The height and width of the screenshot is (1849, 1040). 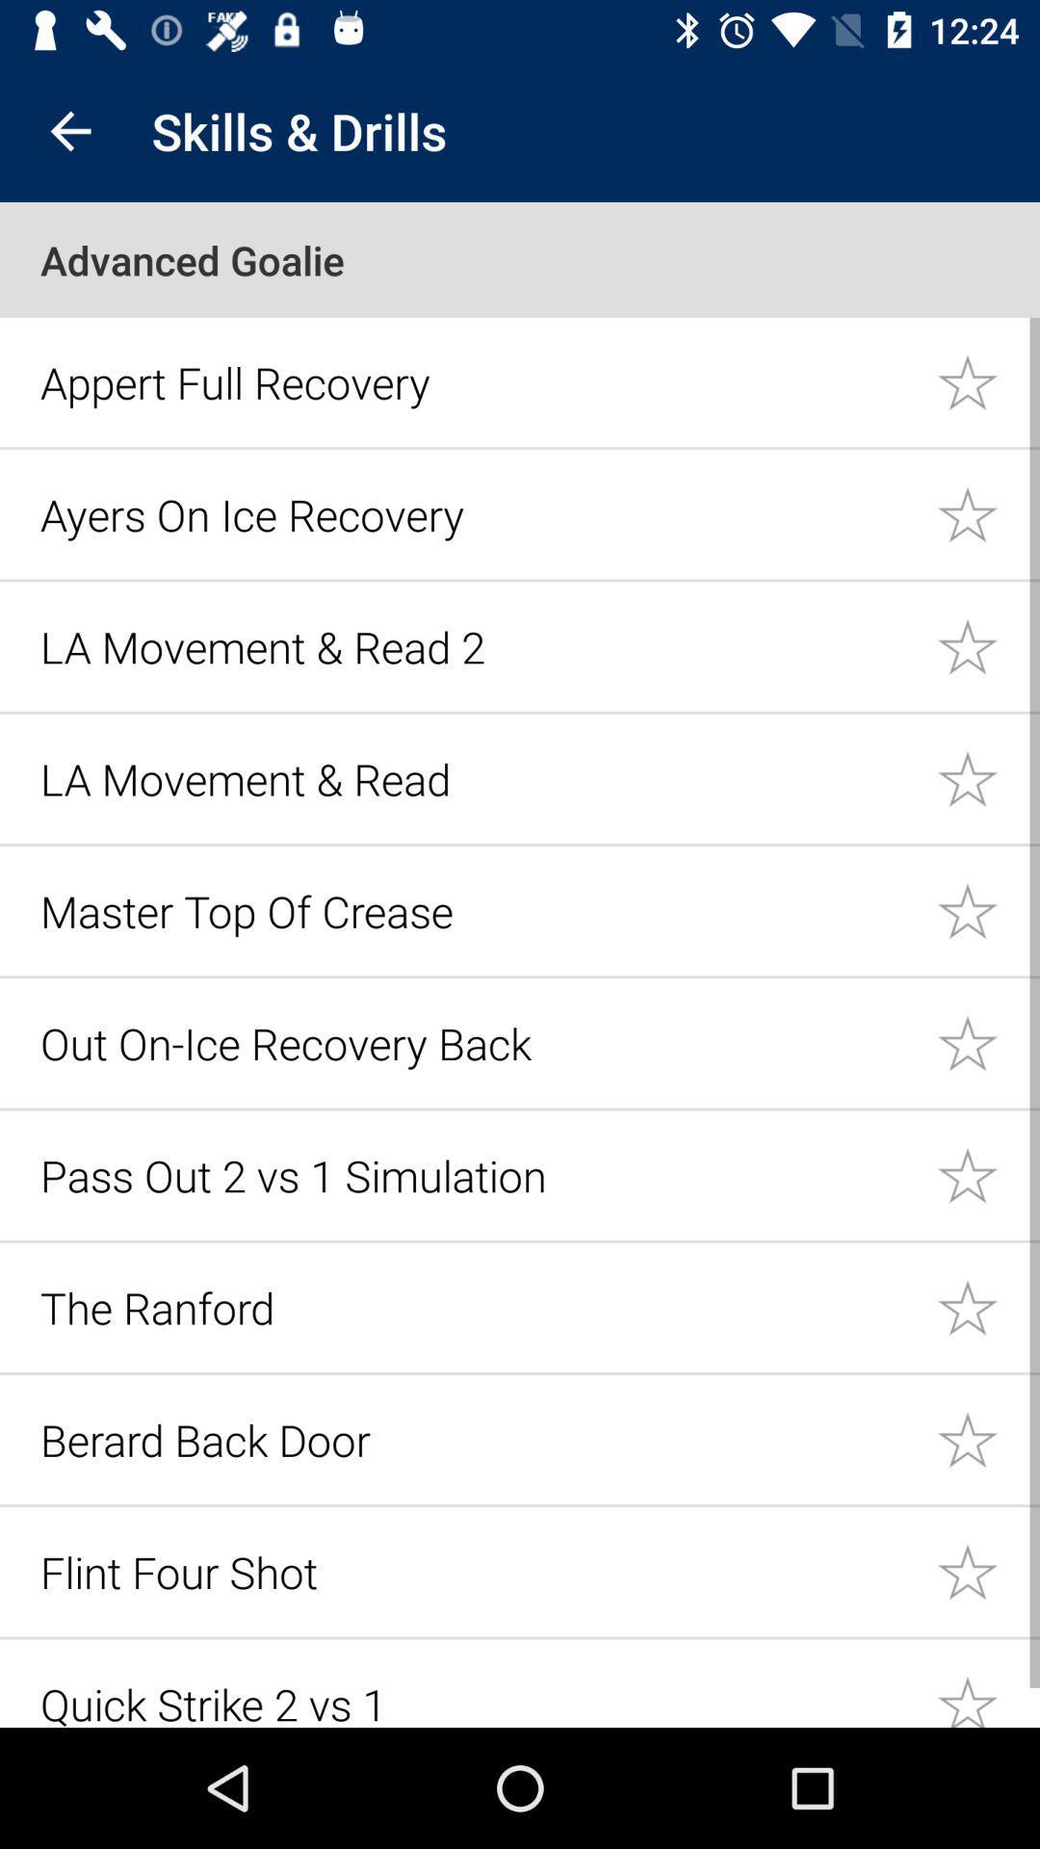 I want to click on star the item, so click(x=988, y=1307).